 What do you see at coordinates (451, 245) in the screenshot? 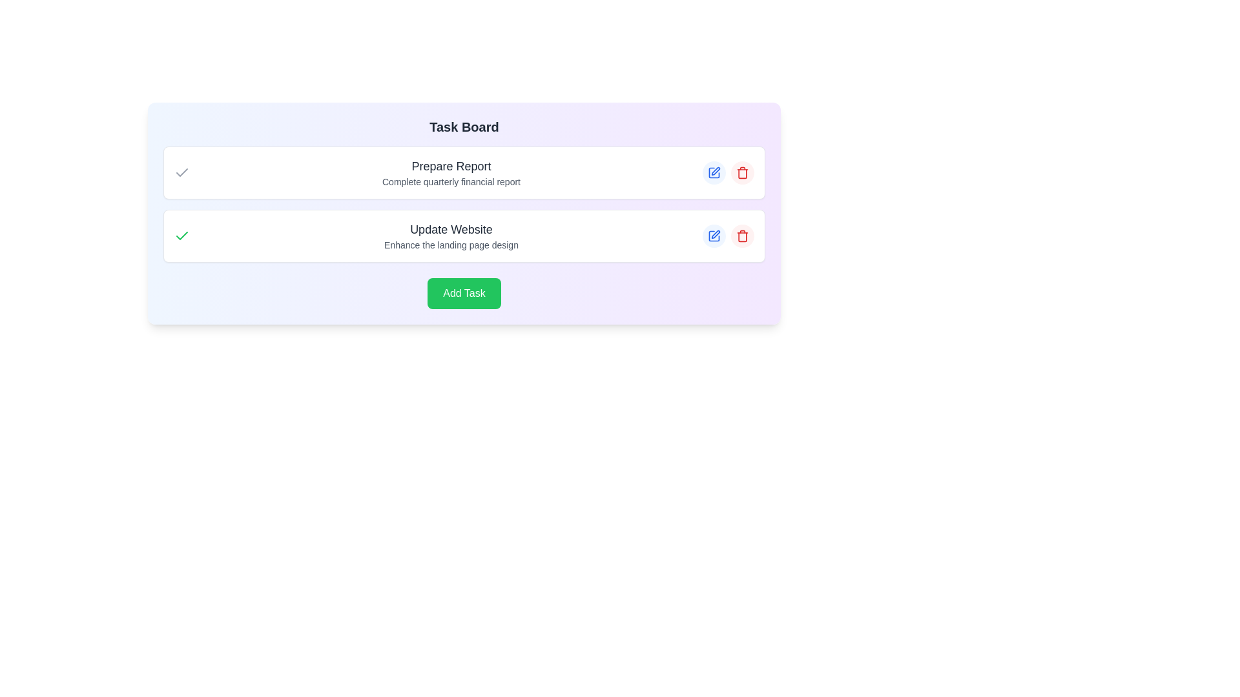
I see `the Text label that provides additional descriptive information about the task 'Update Website', located below the main task title` at bounding box center [451, 245].